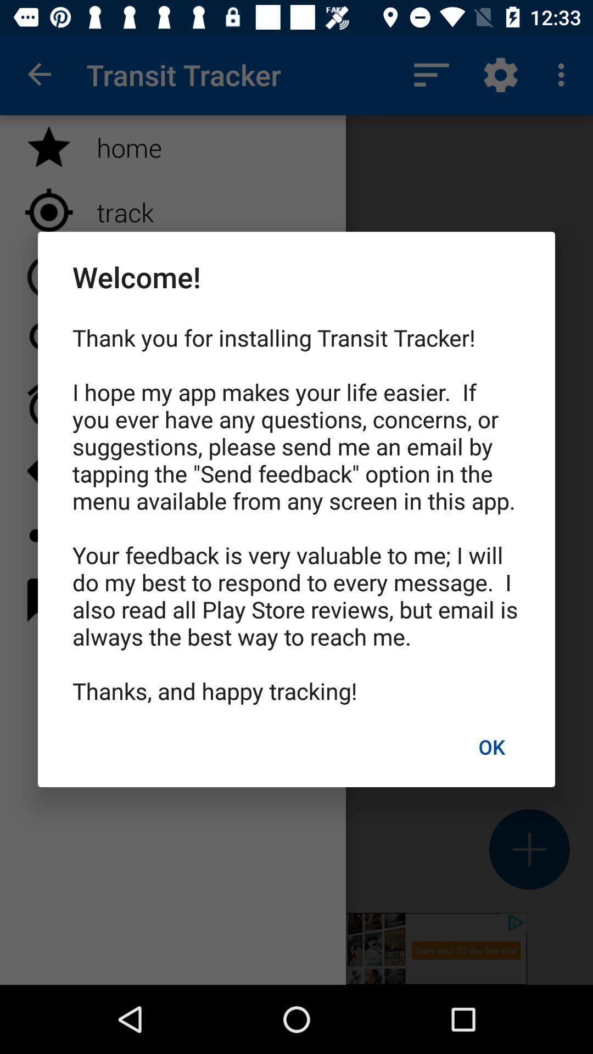 This screenshot has width=593, height=1054. What do you see at coordinates (491, 747) in the screenshot?
I see `the ok` at bounding box center [491, 747].